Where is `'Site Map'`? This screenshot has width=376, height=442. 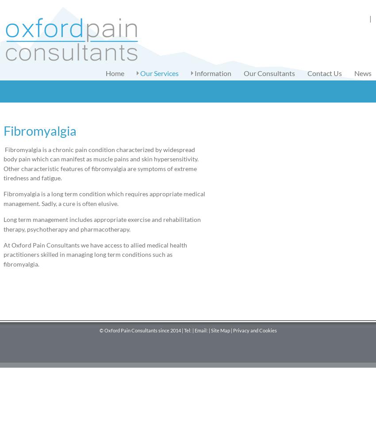 'Site Map' is located at coordinates (220, 329).